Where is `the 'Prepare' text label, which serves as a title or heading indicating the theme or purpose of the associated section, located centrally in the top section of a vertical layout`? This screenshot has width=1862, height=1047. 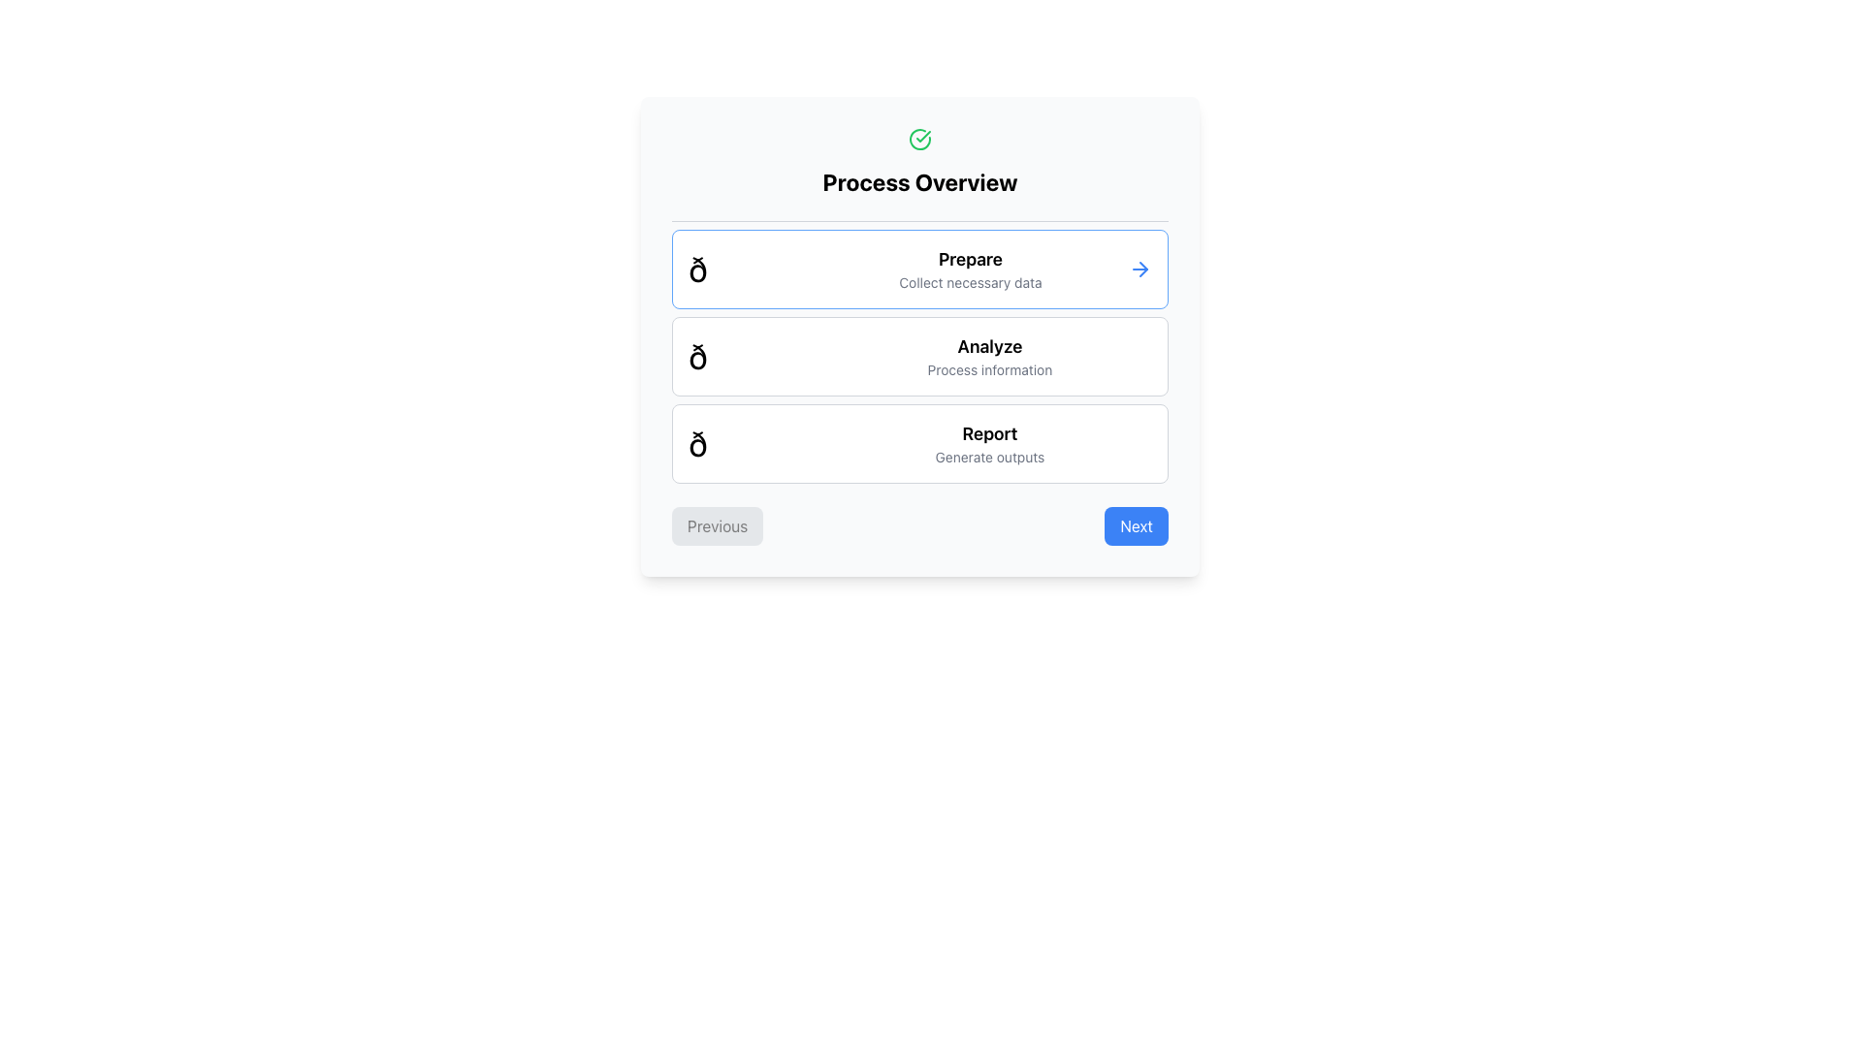 the 'Prepare' text label, which serves as a title or heading indicating the theme or purpose of the associated section, located centrally in the top section of a vertical layout is located at coordinates (970, 258).